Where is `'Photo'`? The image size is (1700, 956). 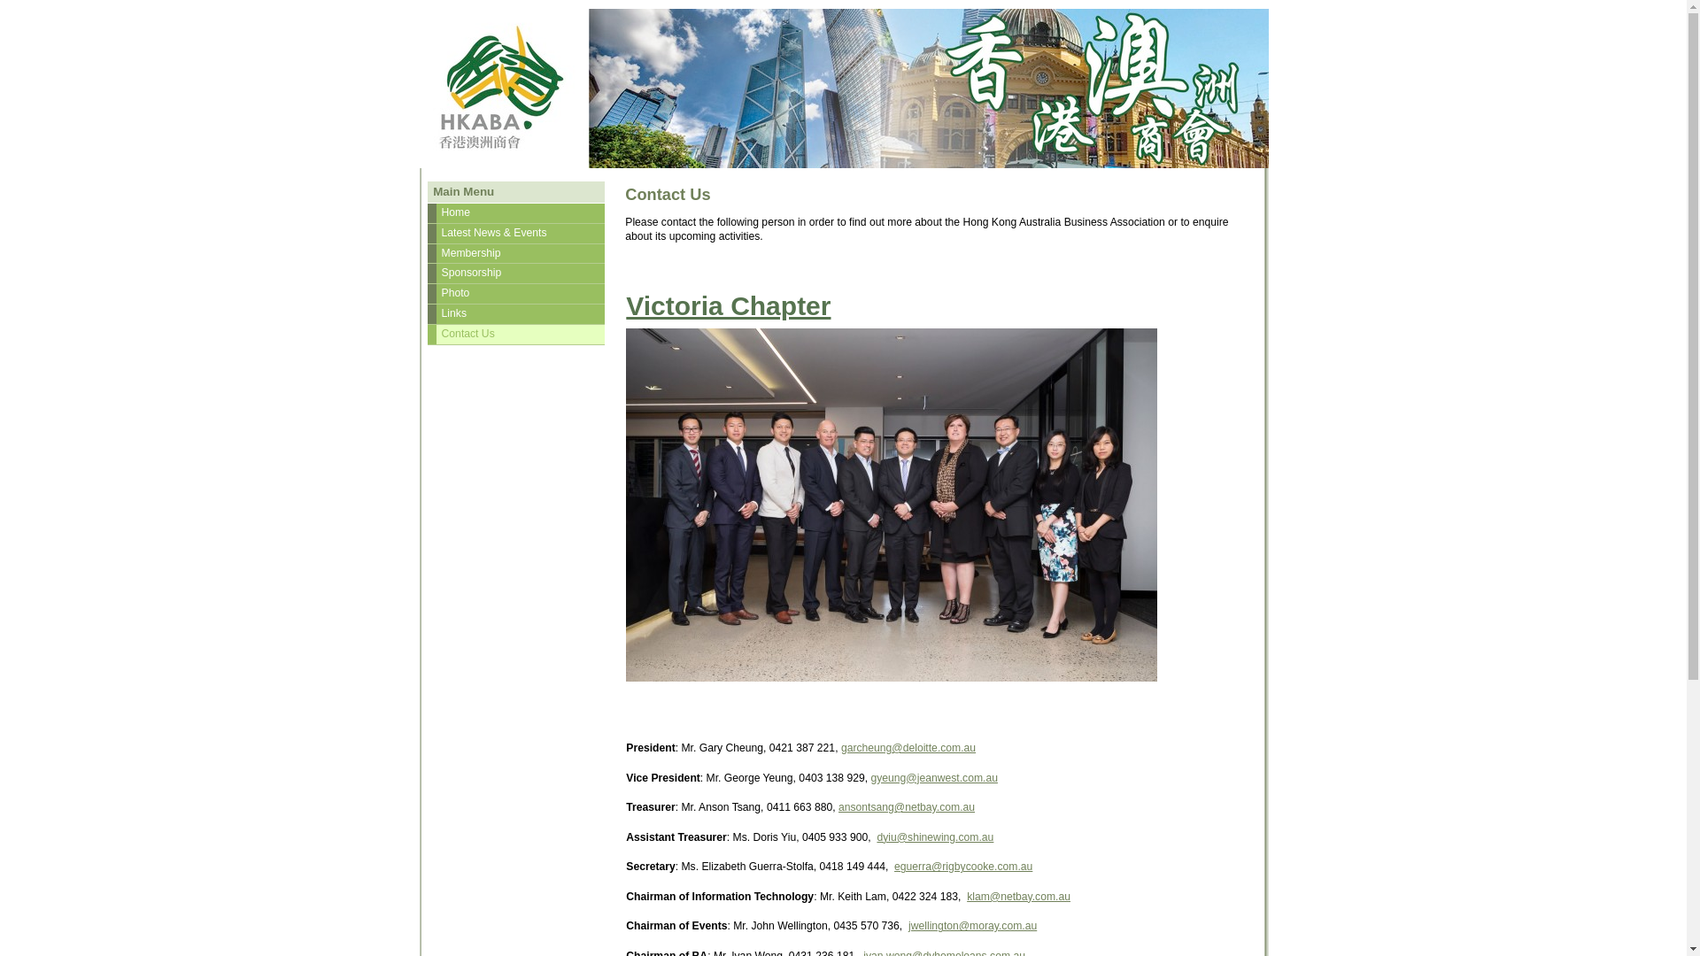
'Photo' is located at coordinates (514, 292).